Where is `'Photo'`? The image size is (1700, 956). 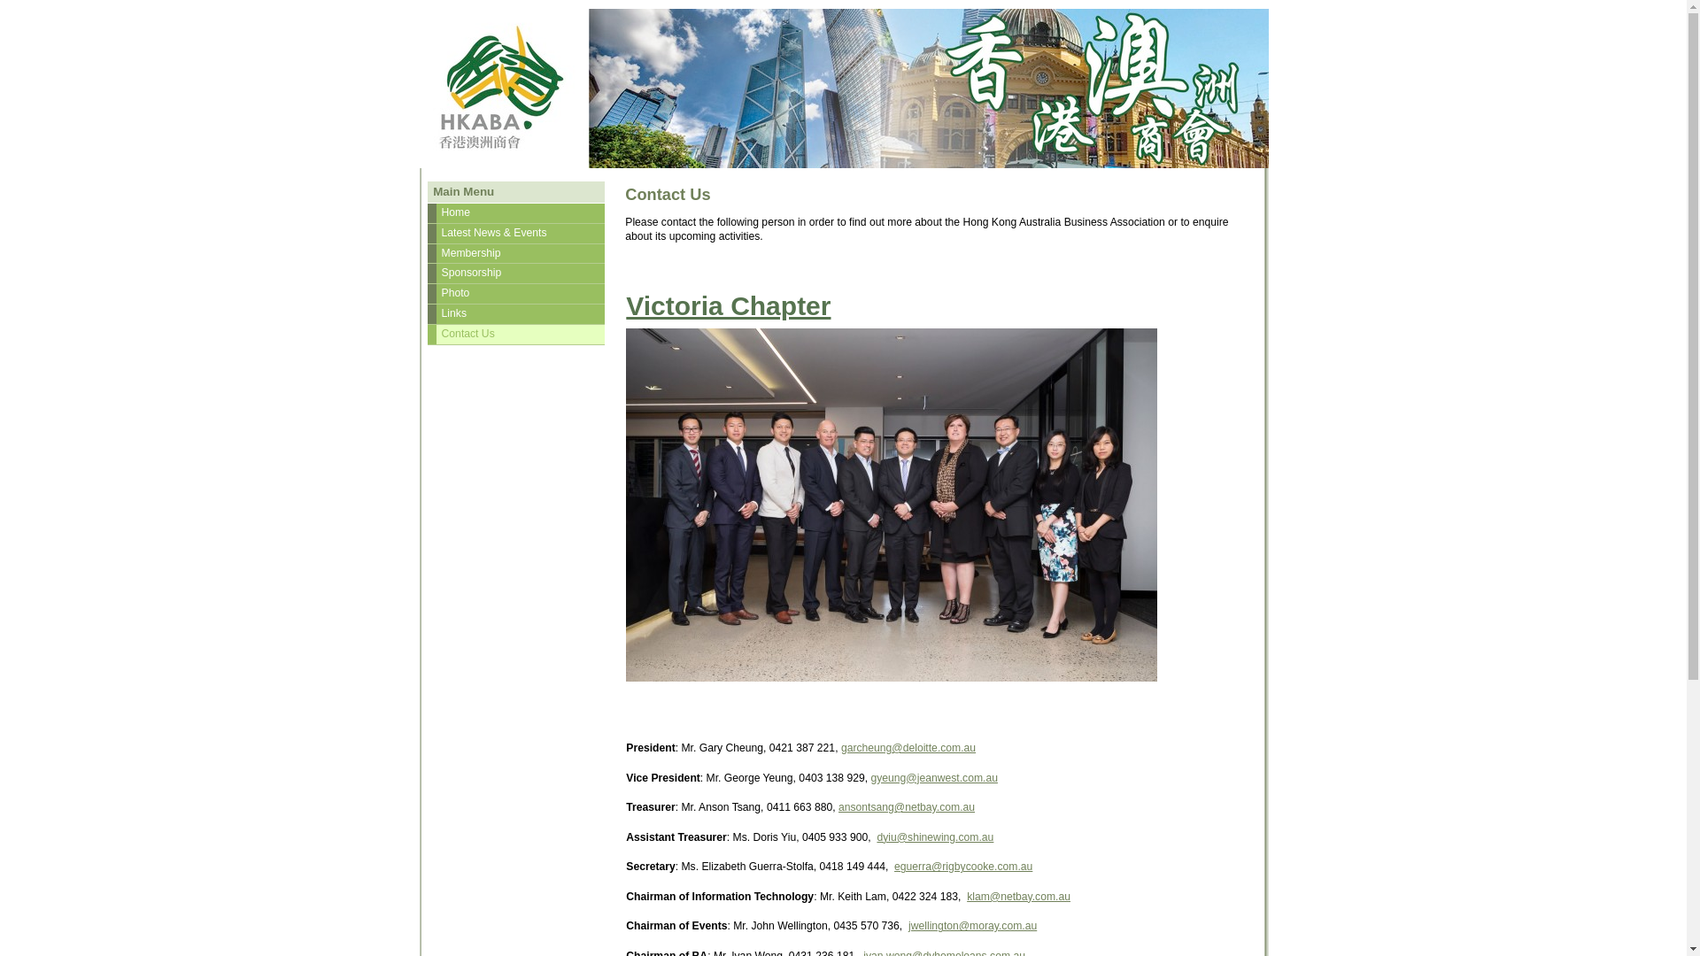
'Photo' is located at coordinates (514, 292).